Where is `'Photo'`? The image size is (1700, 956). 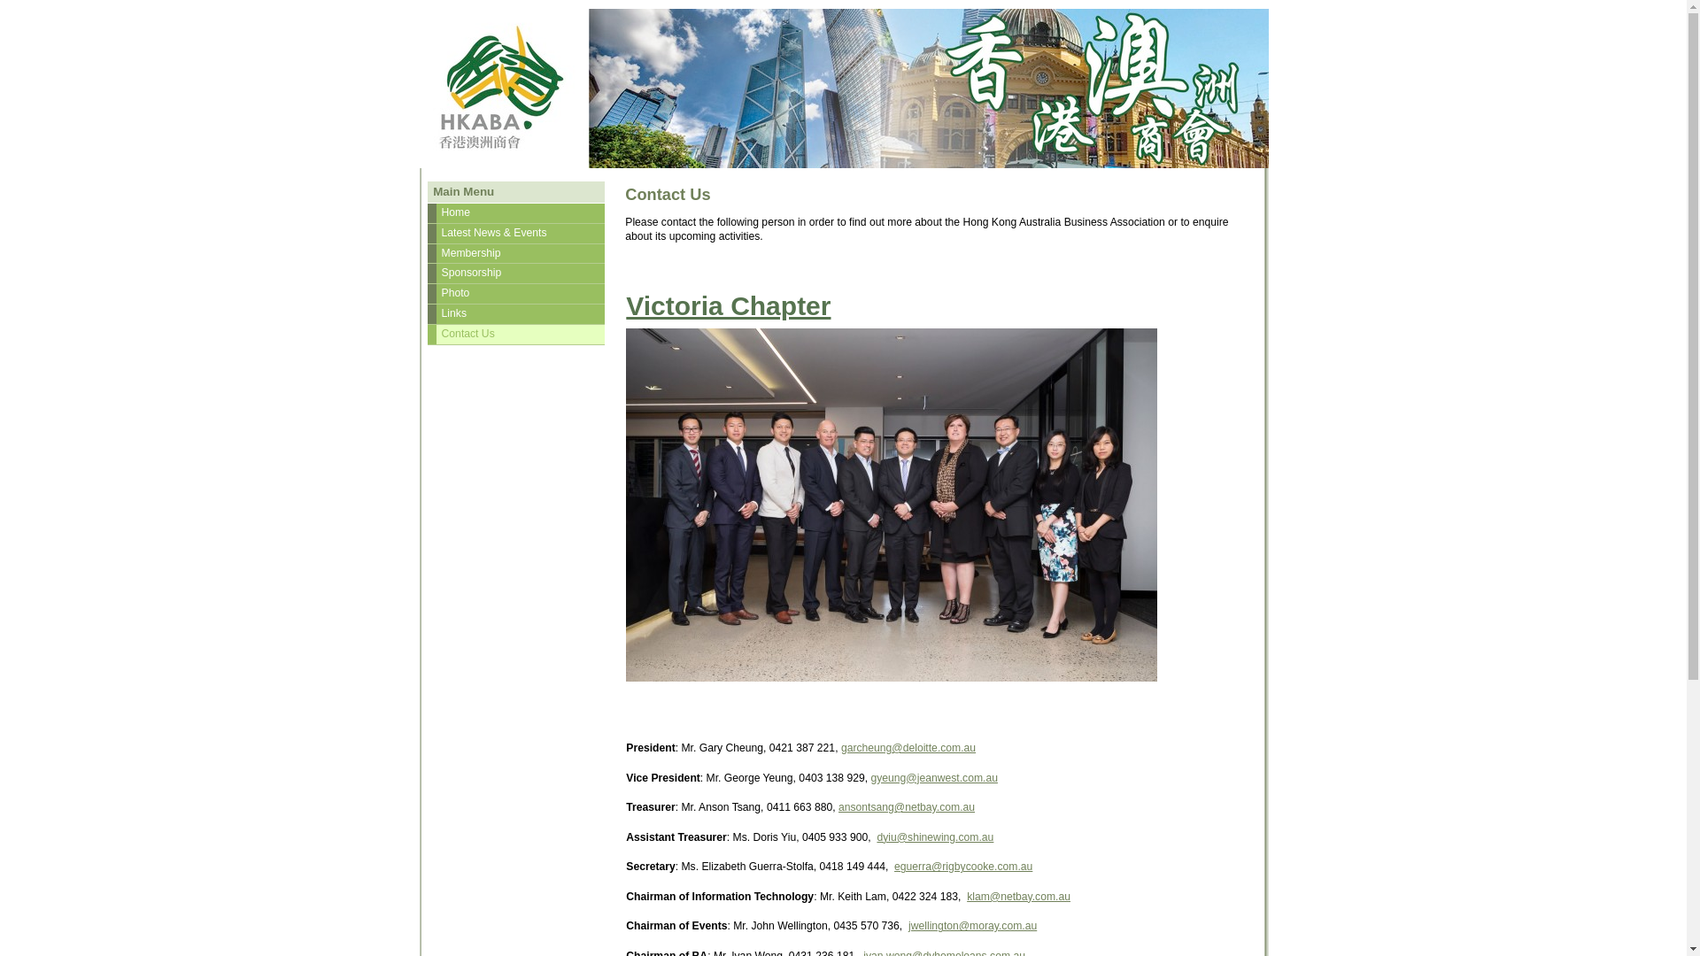
'Photo' is located at coordinates (514, 292).